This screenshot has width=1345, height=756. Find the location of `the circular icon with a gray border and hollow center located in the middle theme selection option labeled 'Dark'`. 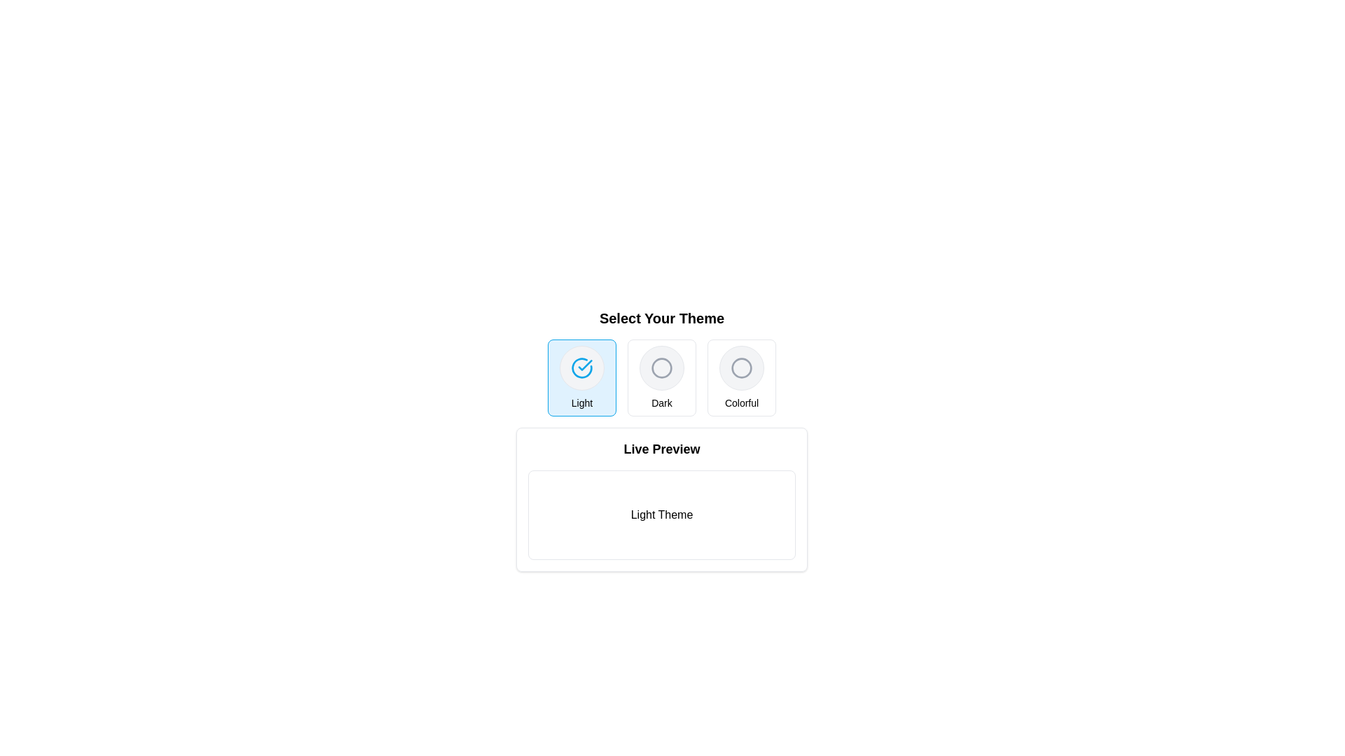

the circular icon with a gray border and hollow center located in the middle theme selection option labeled 'Dark' is located at coordinates (661, 367).